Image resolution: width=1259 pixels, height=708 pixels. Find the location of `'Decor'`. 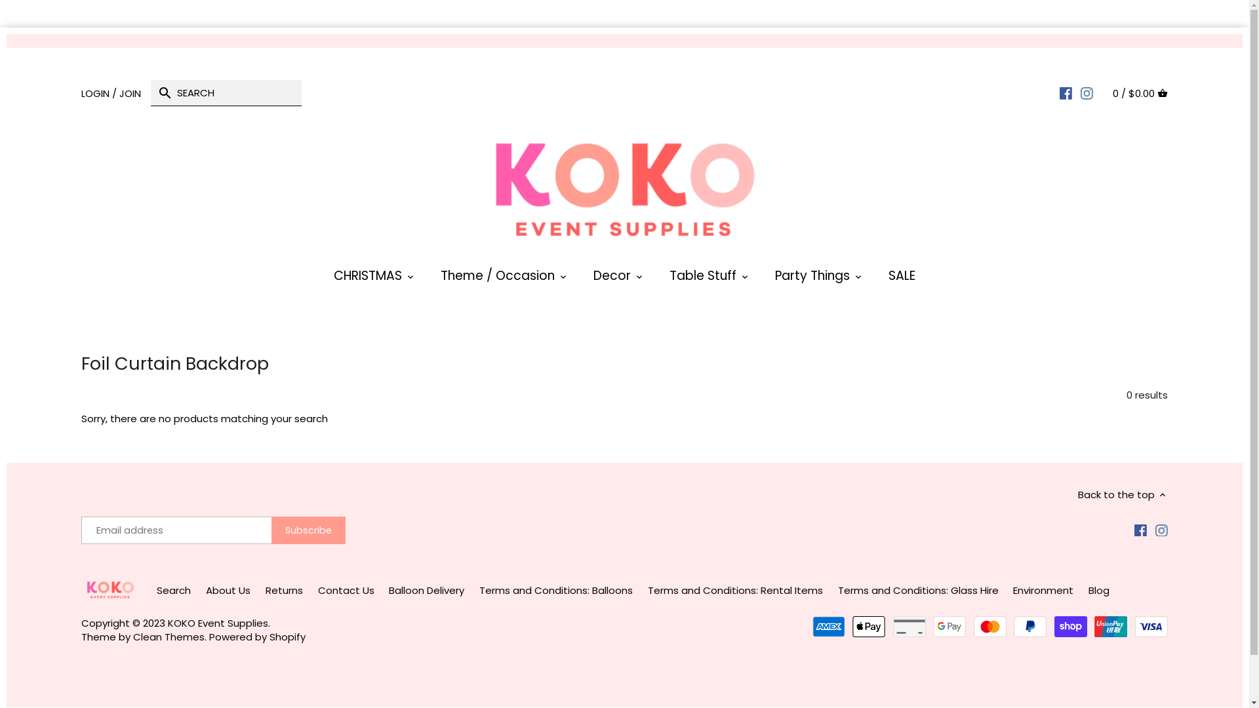

'Decor' is located at coordinates (611, 278).